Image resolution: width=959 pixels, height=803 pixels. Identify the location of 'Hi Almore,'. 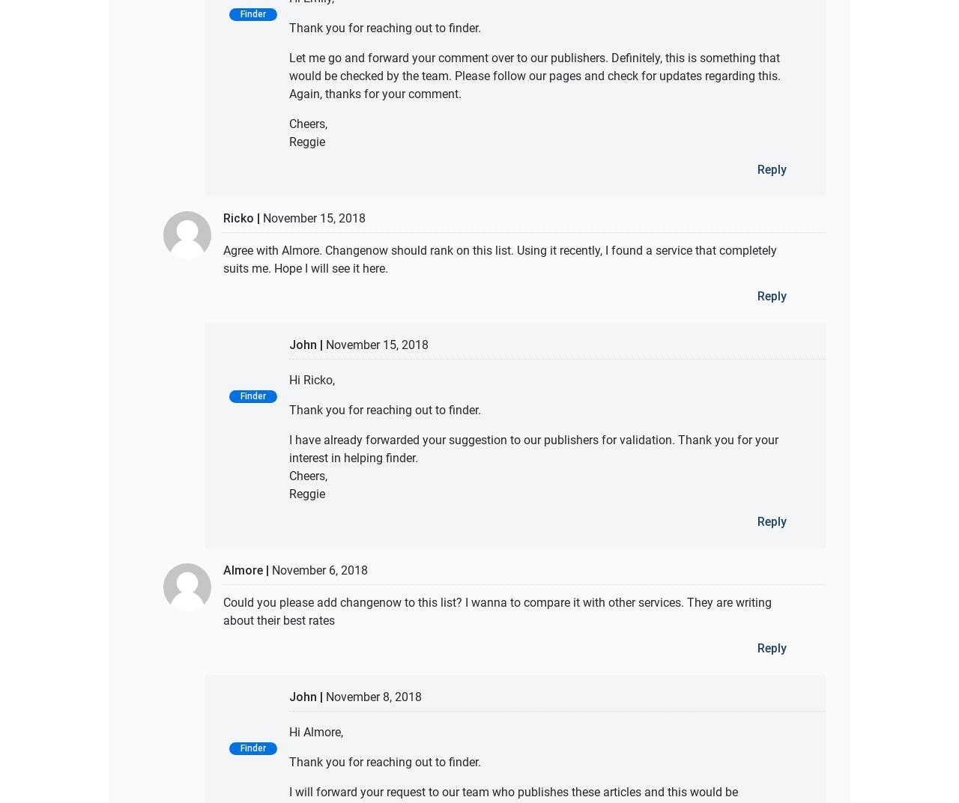
(289, 730).